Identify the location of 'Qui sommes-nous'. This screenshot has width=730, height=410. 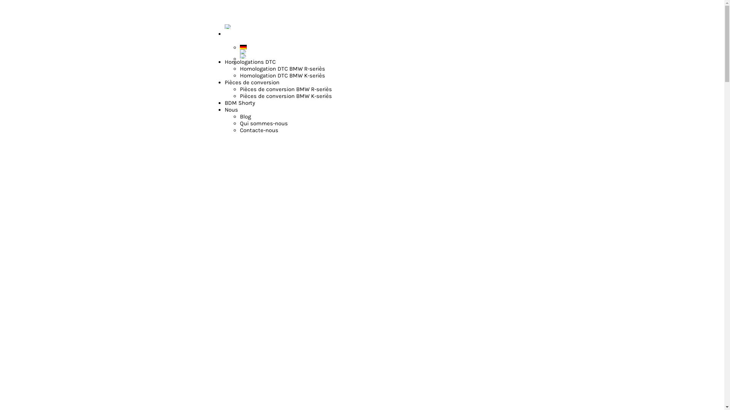
(264, 123).